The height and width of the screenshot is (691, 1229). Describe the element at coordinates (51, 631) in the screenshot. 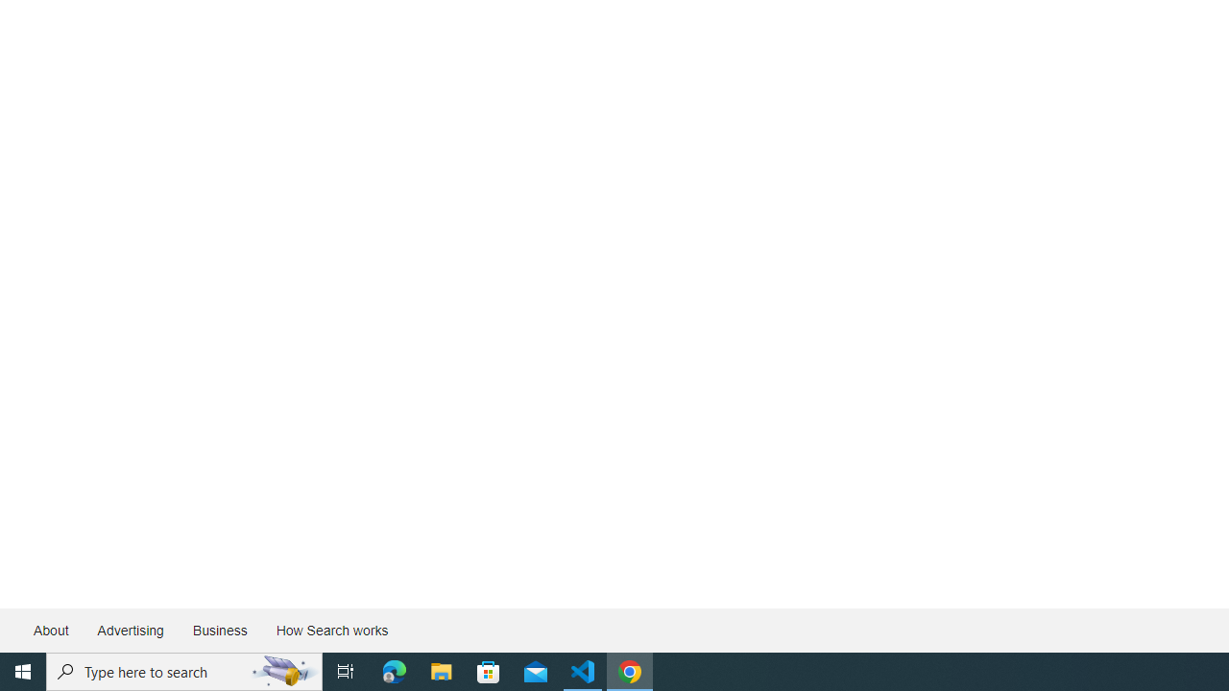

I see `'About'` at that location.